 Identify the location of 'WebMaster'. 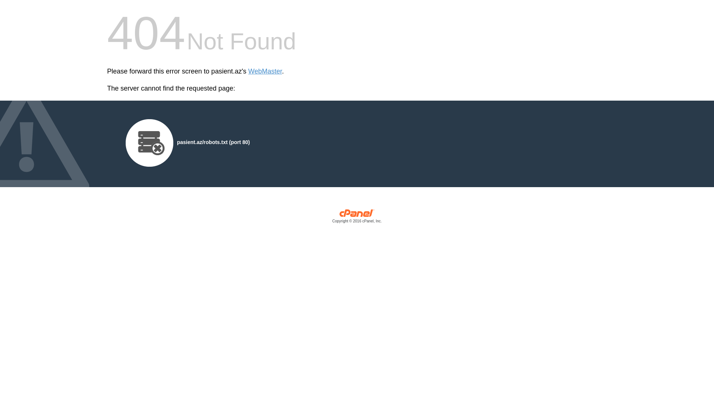
(265, 71).